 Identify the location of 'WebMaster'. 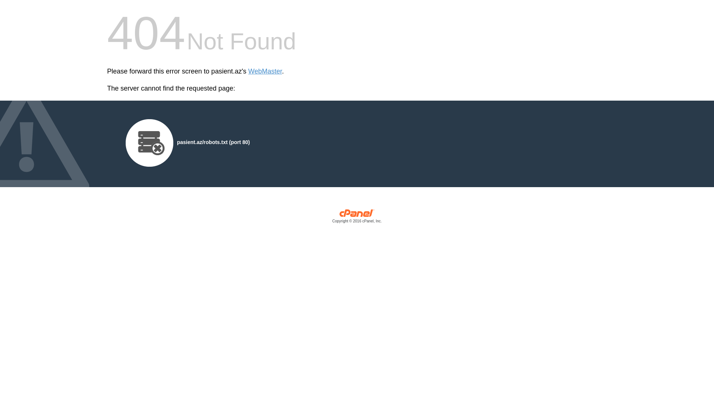
(265, 71).